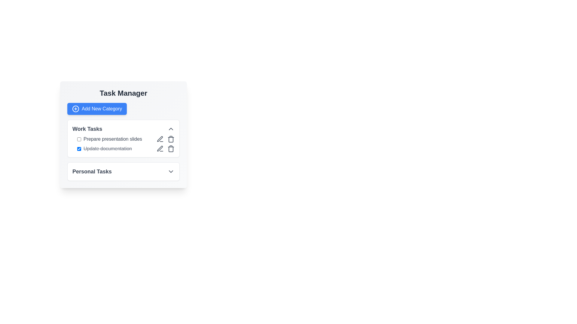  I want to click on the static text label displaying 'Personal Tasks', which is a bold, dark gray text located at the bottom of the main card interface, to the left of an empty spacer and an icon element, so click(92, 171).